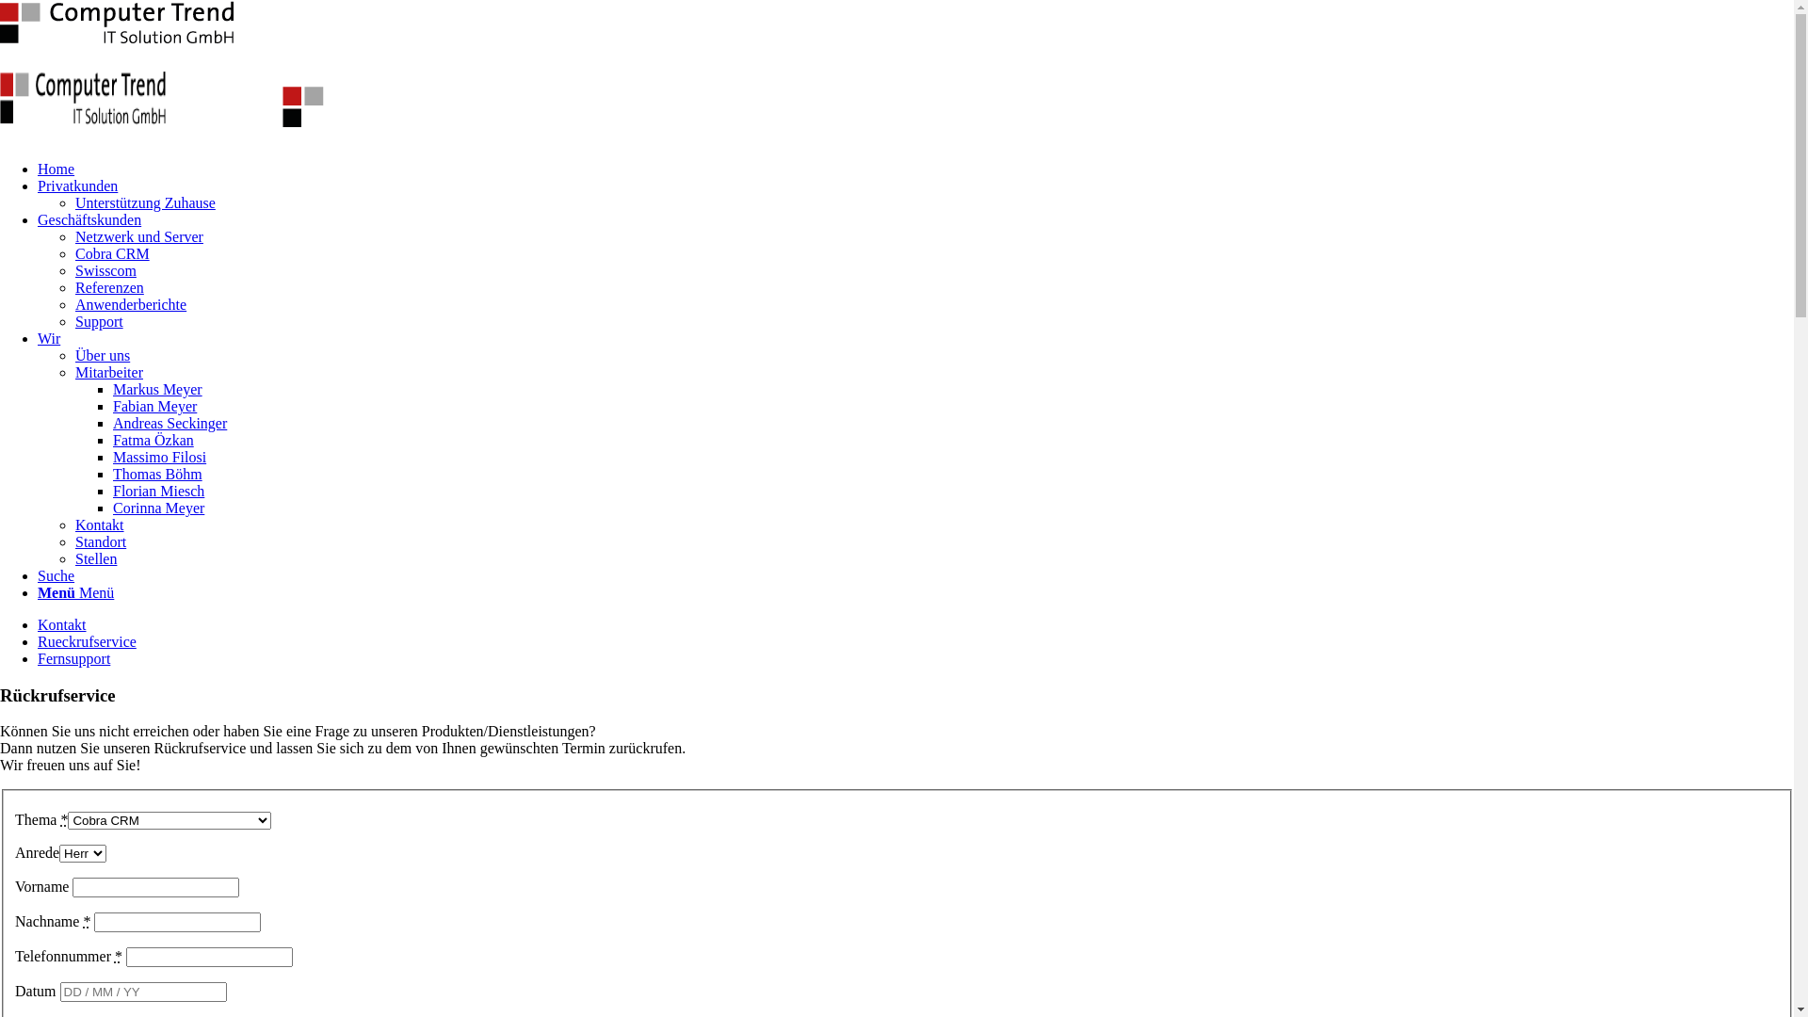 This screenshot has height=1017, width=1808. I want to click on 'Cobra CRM', so click(111, 252).